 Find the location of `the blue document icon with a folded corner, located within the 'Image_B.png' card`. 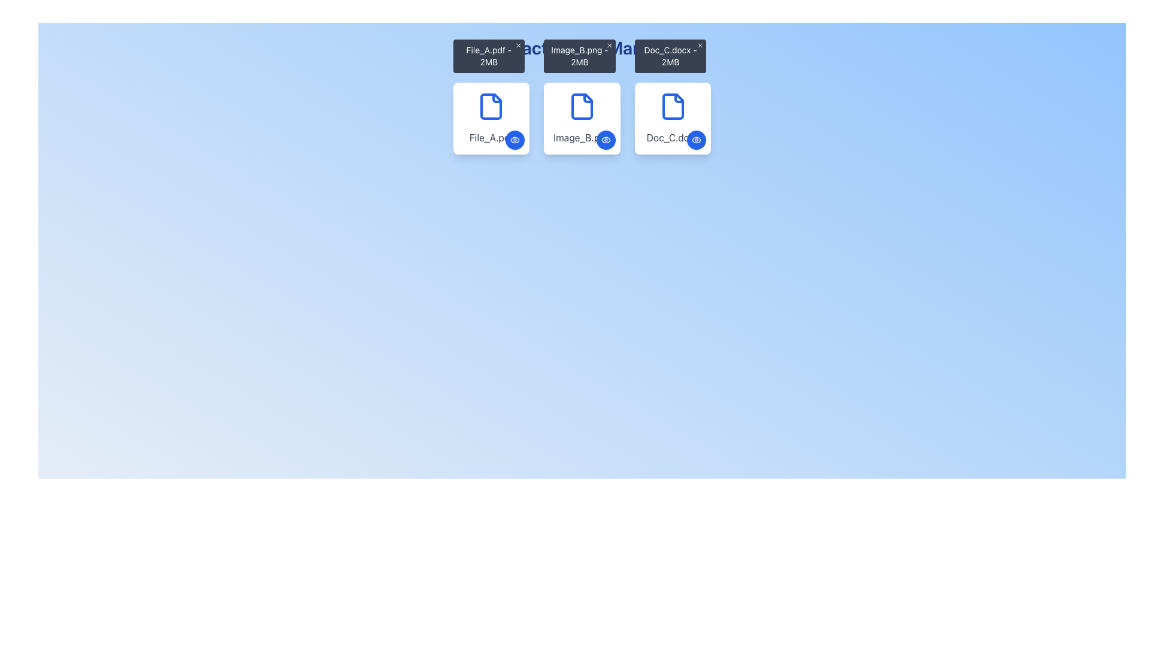

the blue document icon with a folded corner, located within the 'Image_B.png' card is located at coordinates (582, 105).